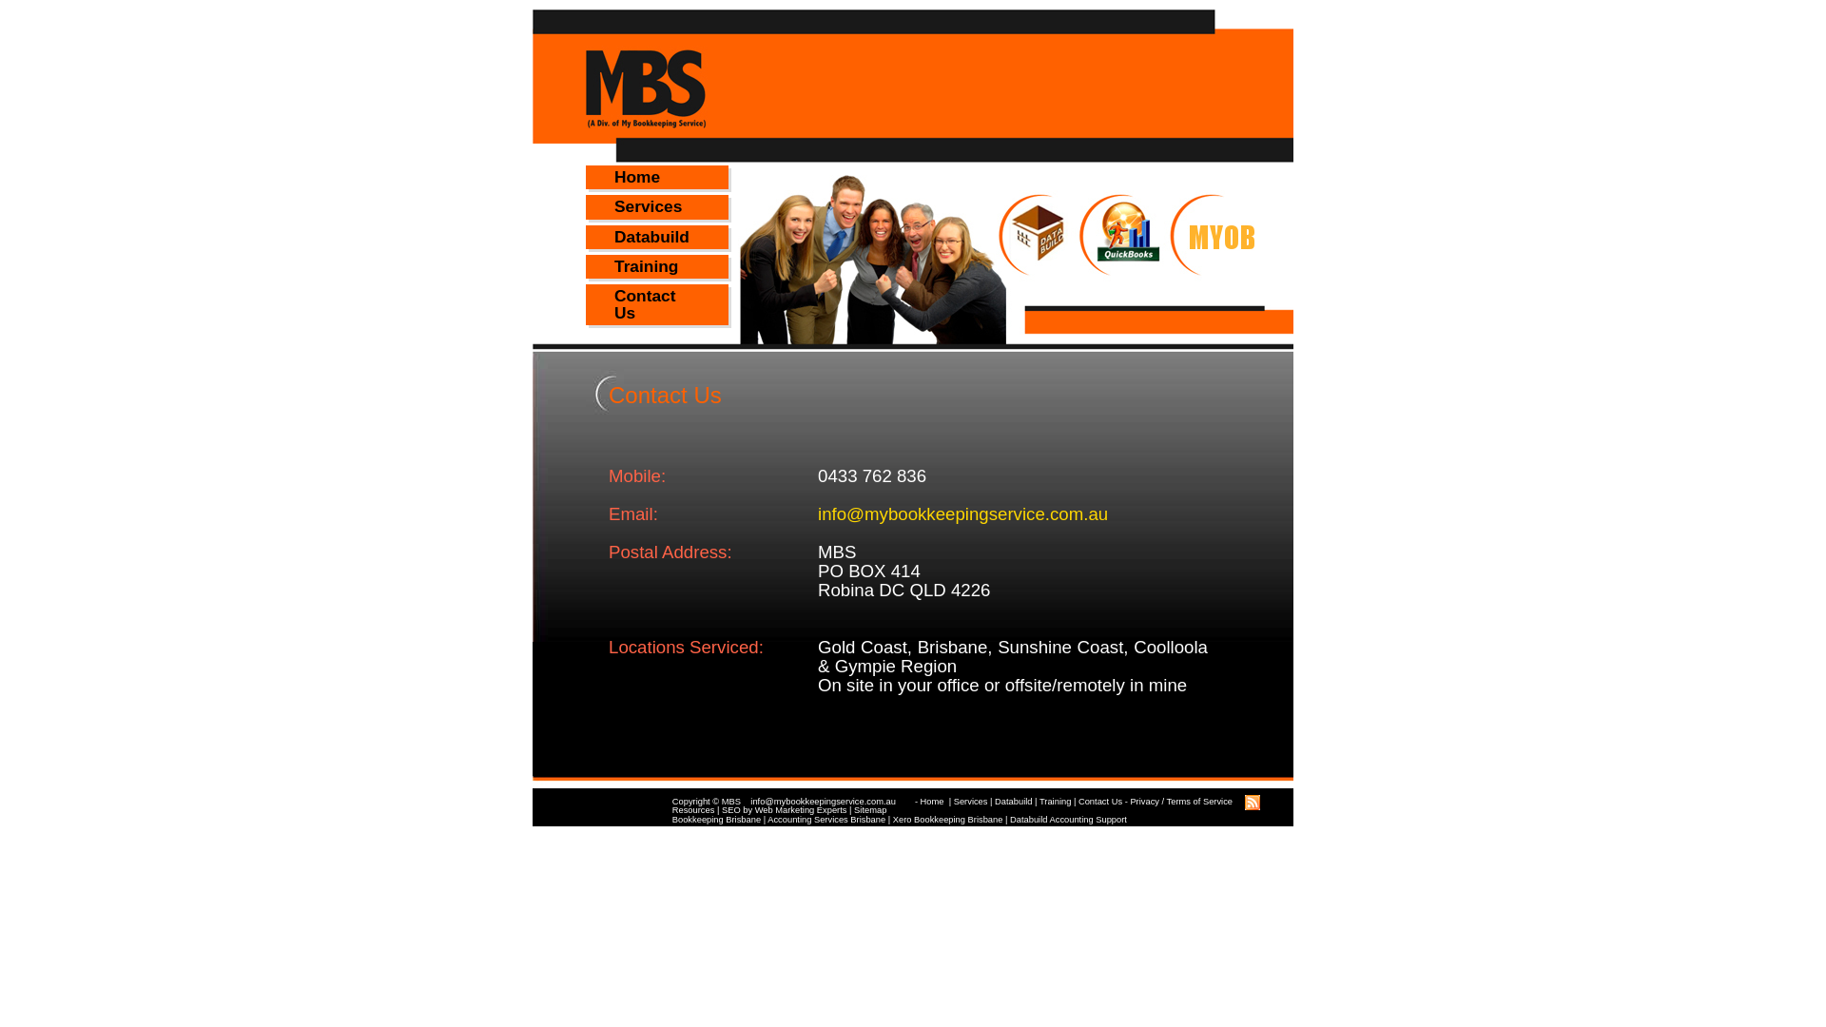 Image resolution: width=1826 pixels, height=1027 pixels. What do you see at coordinates (1054, 802) in the screenshot?
I see `'Training'` at bounding box center [1054, 802].